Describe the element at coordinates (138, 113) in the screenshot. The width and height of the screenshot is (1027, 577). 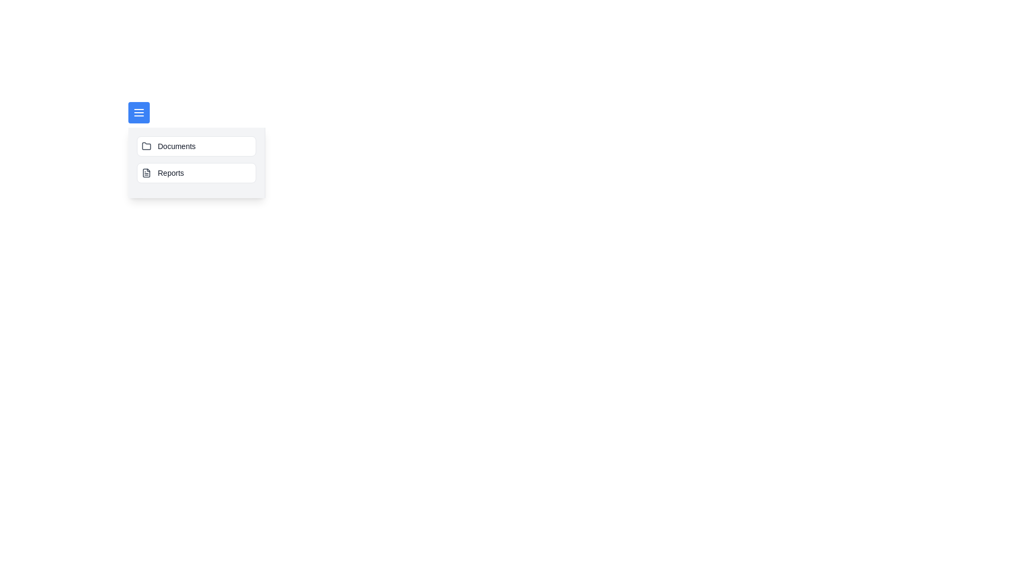
I see `menu button to toggle the visibility of the side menu` at that location.